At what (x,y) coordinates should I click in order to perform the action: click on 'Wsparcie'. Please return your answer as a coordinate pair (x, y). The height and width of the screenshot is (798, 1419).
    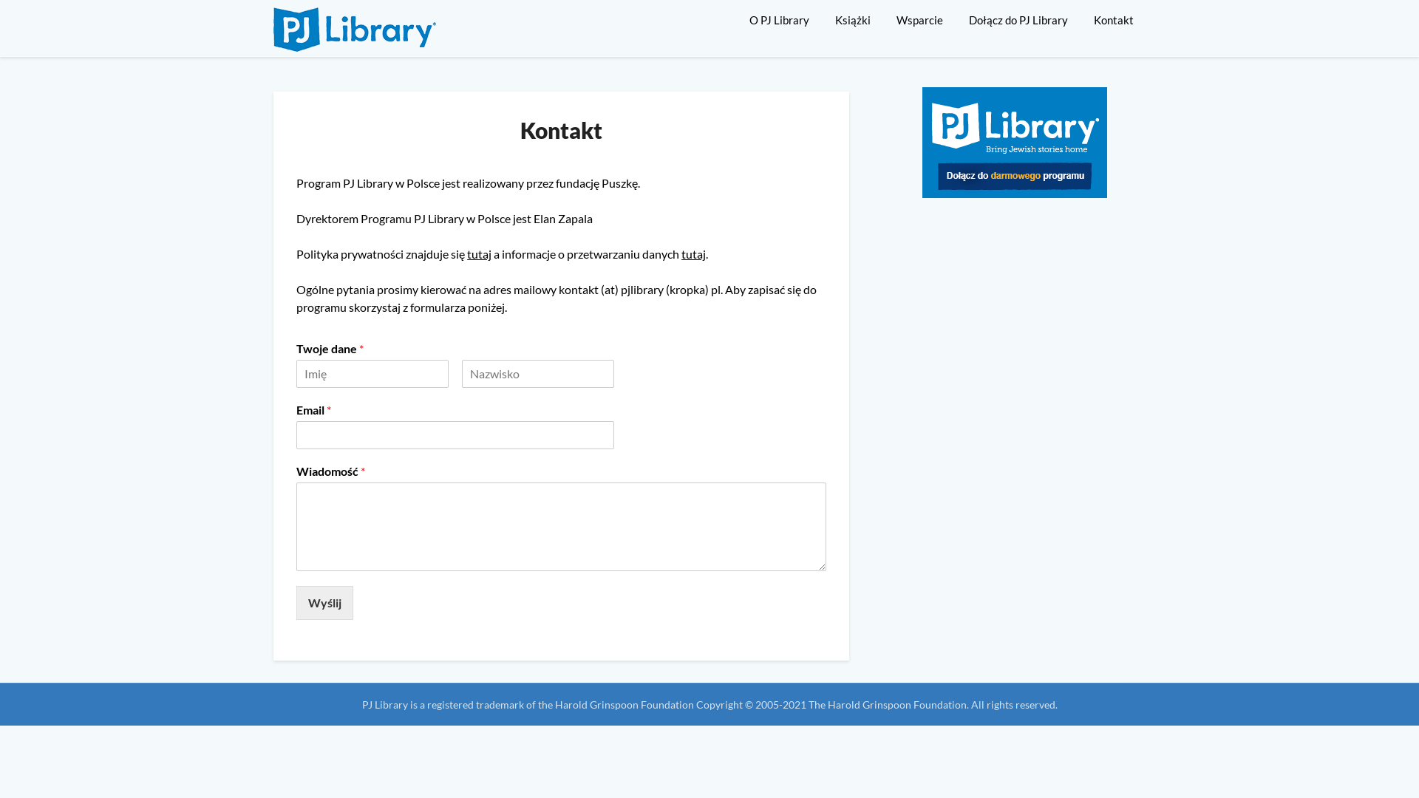
    Looking at the image, I should click on (919, 20).